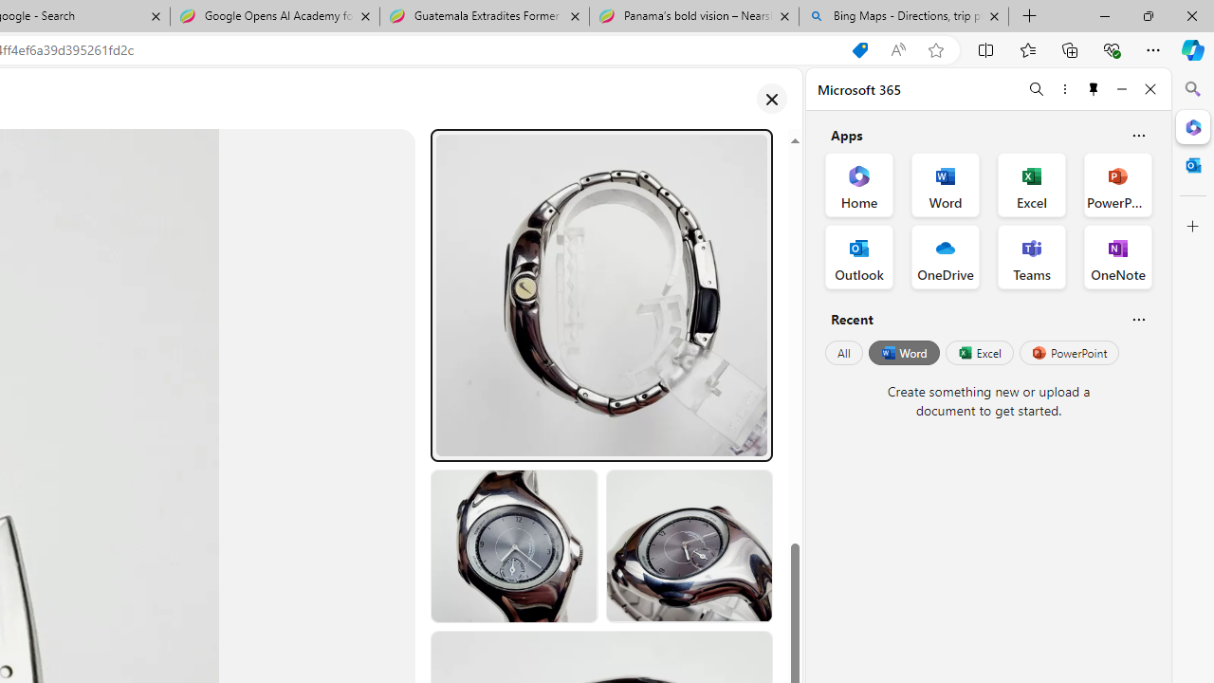  What do you see at coordinates (274, 16) in the screenshot?
I see `'Google Opens AI Academy for Startups - Nearshore Americas'` at bounding box center [274, 16].